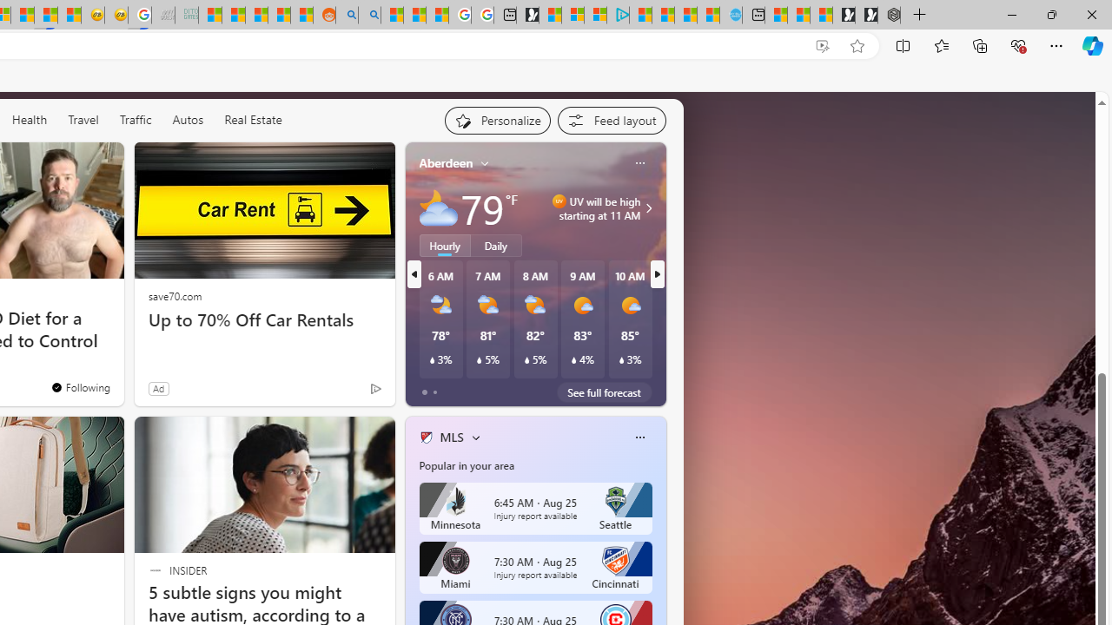 The width and height of the screenshot is (1112, 625). Describe the element at coordinates (252, 118) in the screenshot. I see `'Real Estate'` at that location.